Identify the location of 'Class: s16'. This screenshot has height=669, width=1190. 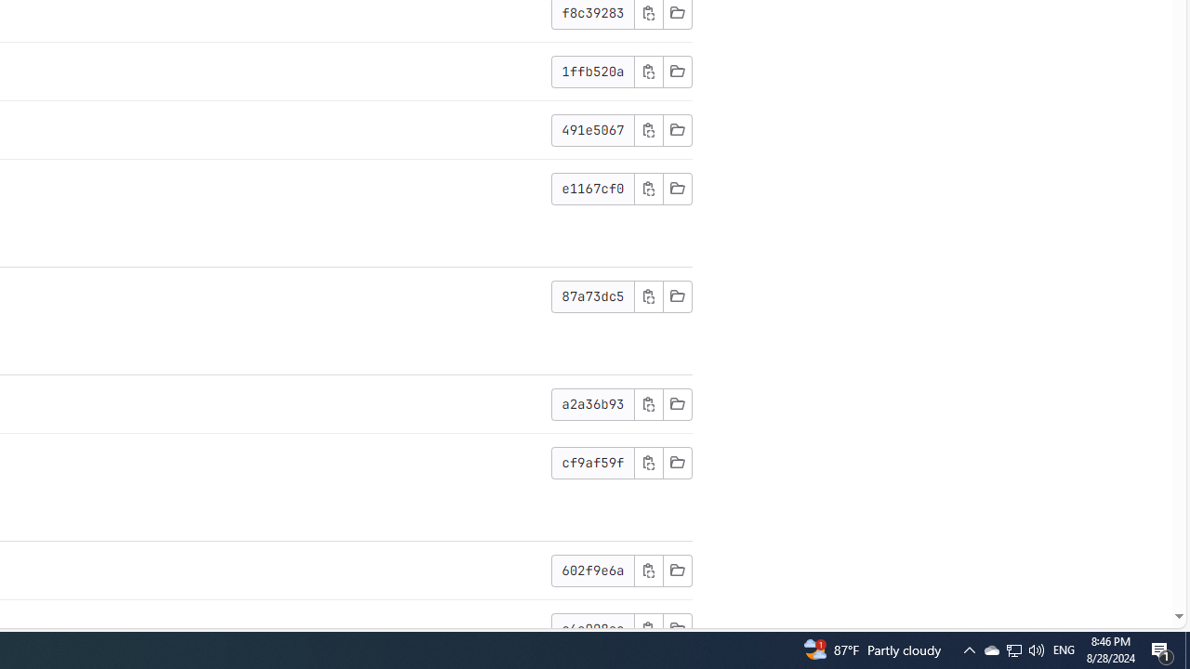
(676, 627).